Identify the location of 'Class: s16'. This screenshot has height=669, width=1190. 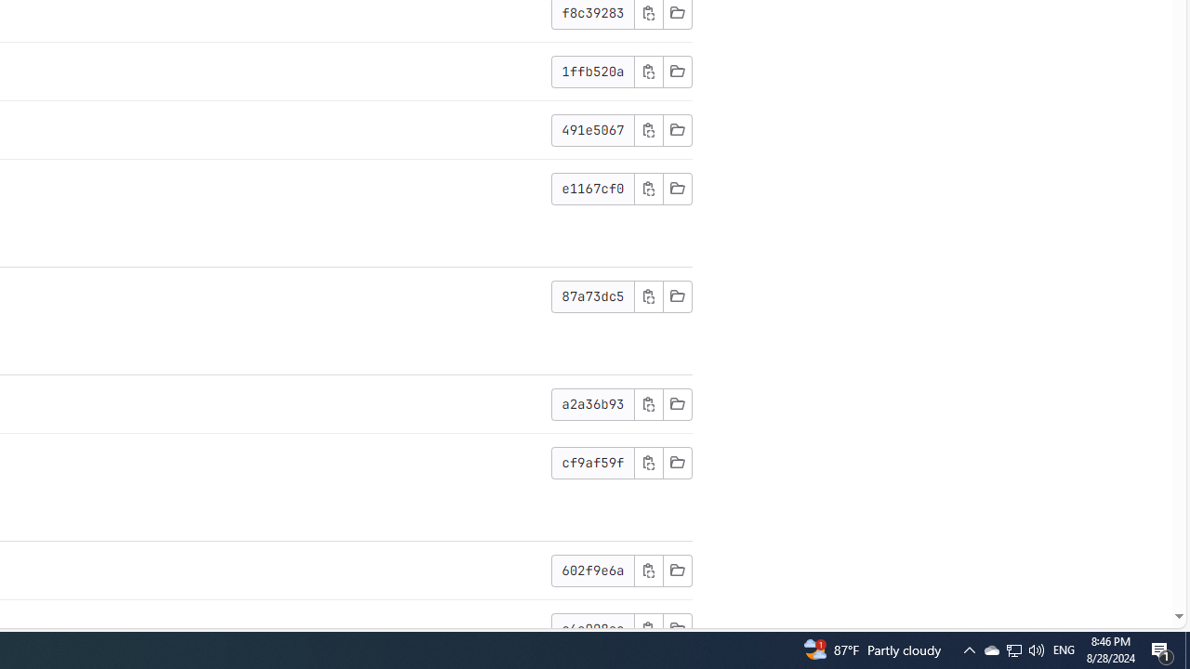
(676, 627).